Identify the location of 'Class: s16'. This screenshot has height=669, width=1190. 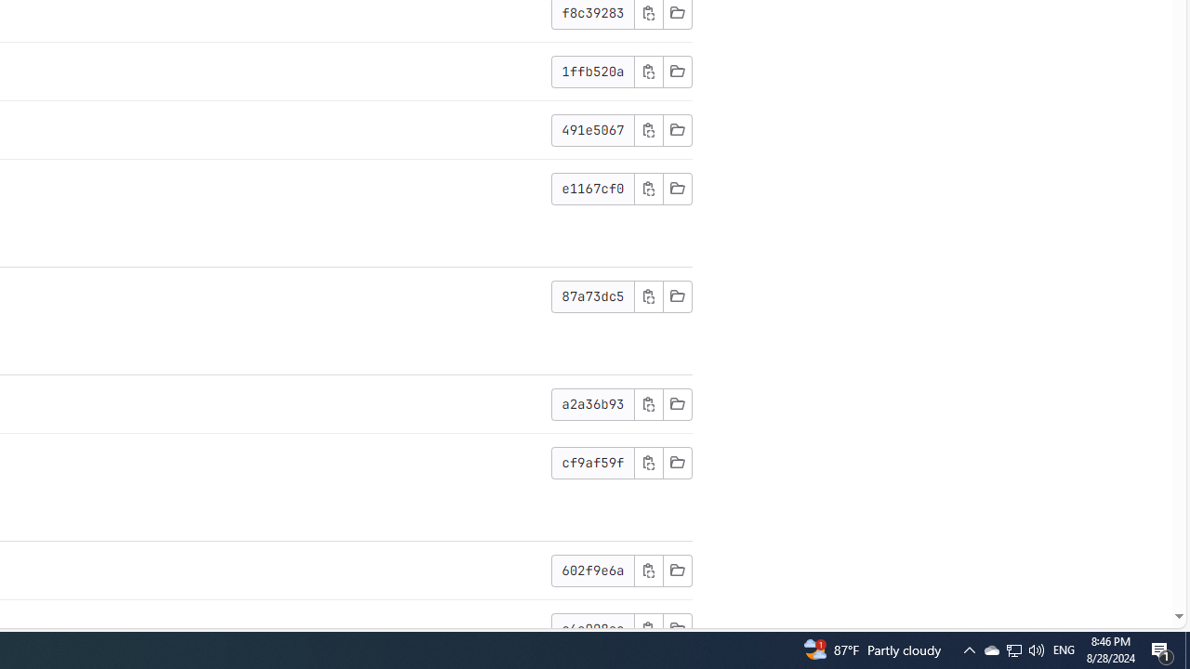
(676, 627).